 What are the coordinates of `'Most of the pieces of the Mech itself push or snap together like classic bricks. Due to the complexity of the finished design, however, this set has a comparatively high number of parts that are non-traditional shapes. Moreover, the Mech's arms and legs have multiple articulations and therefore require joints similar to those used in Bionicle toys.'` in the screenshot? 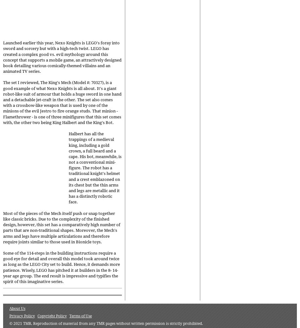 It's located at (62, 227).